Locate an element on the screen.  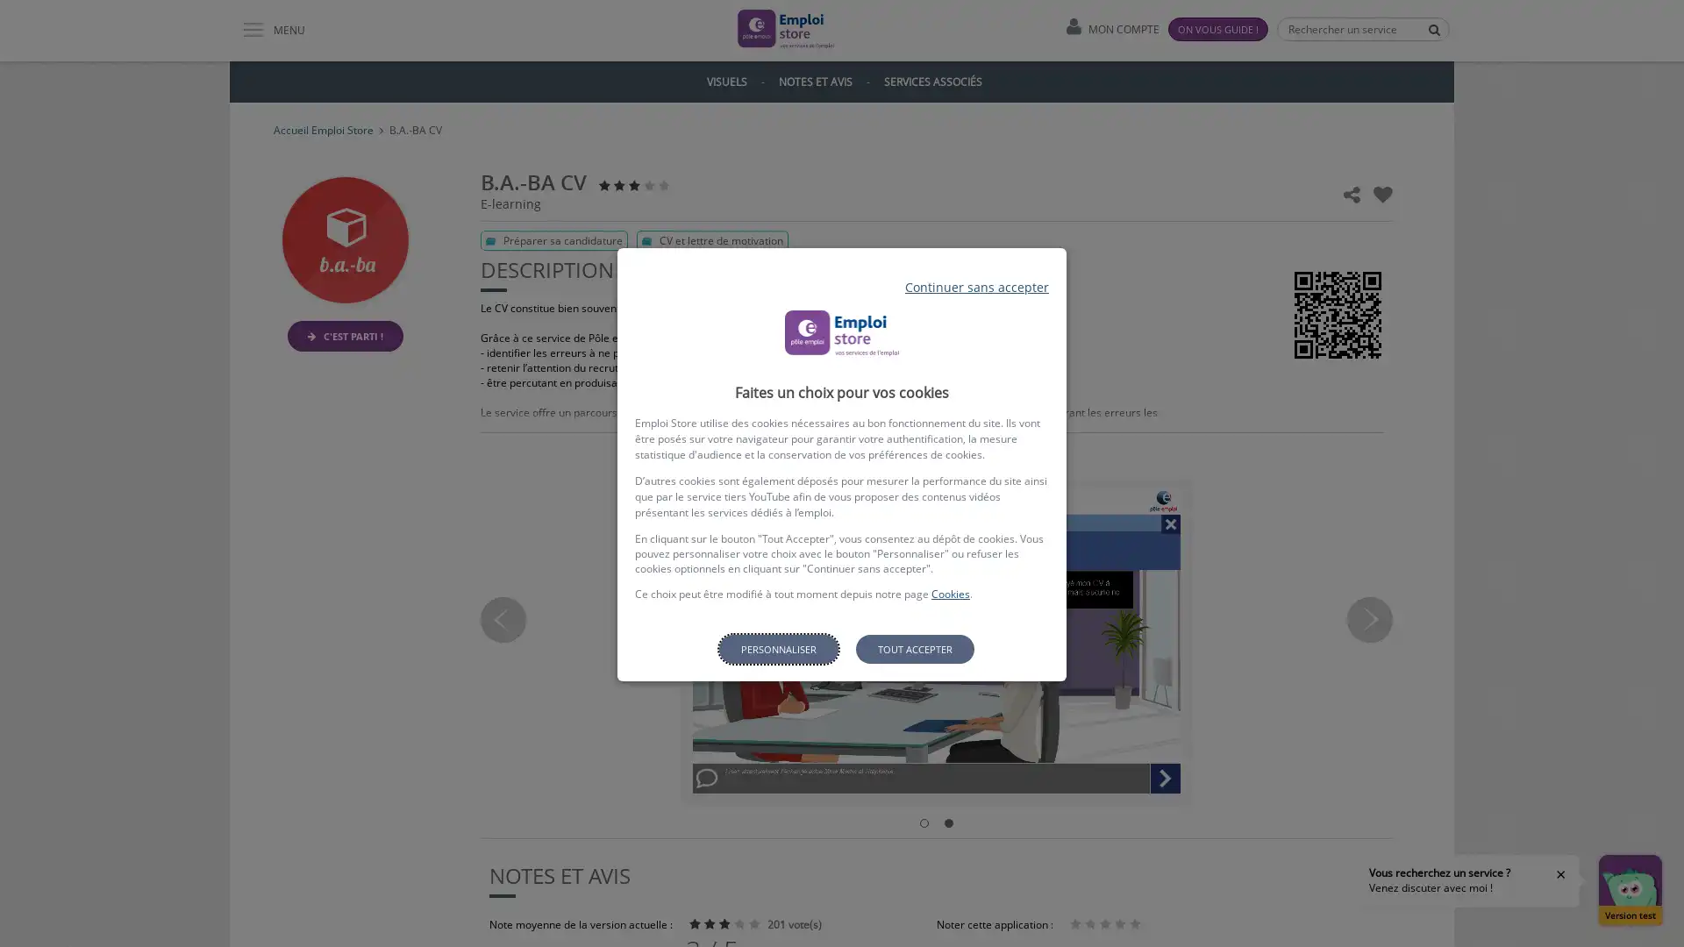
Fermer la bulle d'aide is located at coordinates (1561, 873).